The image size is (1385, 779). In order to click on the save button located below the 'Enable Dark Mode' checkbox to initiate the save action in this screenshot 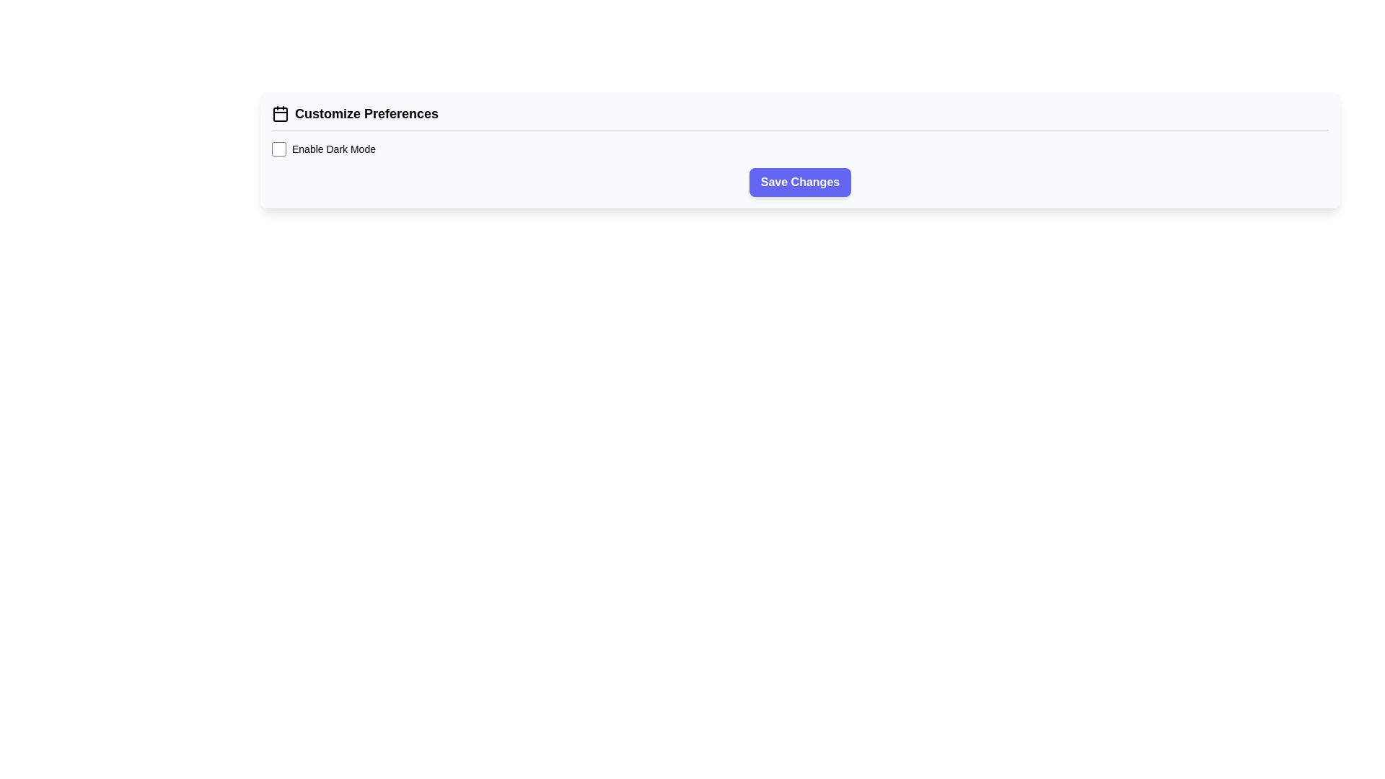, I will do `click(799, 182)`.